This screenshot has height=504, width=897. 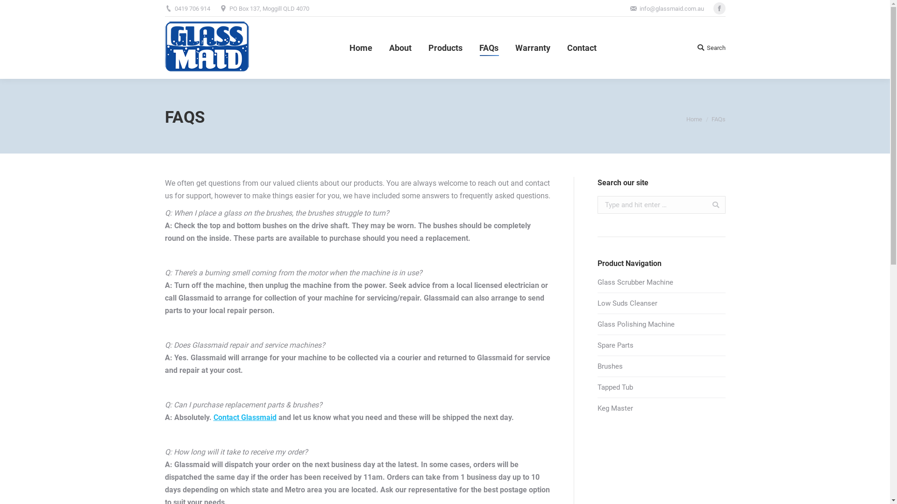 What do you see at coordinates (627, 303) in the screenshot?
I see `'Low Suds Cleanser'` at bounding box center [627, 303].